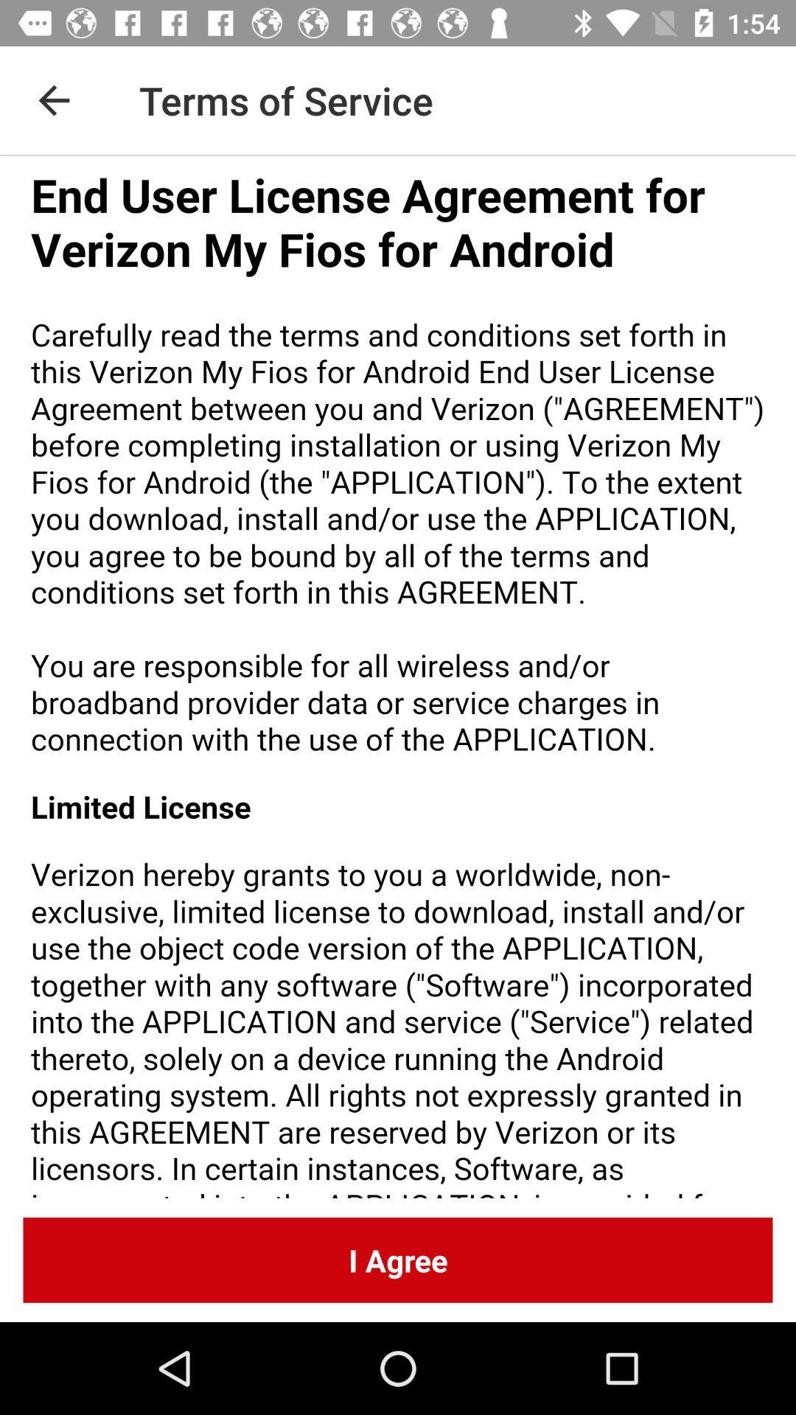  What do you see at coordinates (398, 675) in the screenshot?
I see `scroll through text` at bounding box center [398, 675].